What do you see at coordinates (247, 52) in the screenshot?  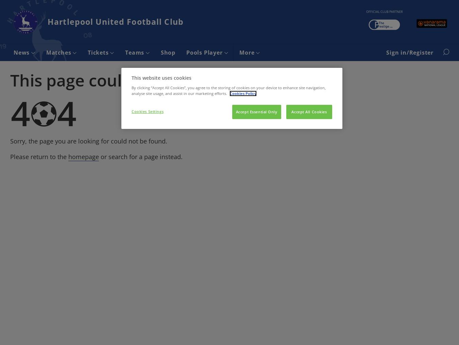 I see `'More'` at bounding box center [247, 52].